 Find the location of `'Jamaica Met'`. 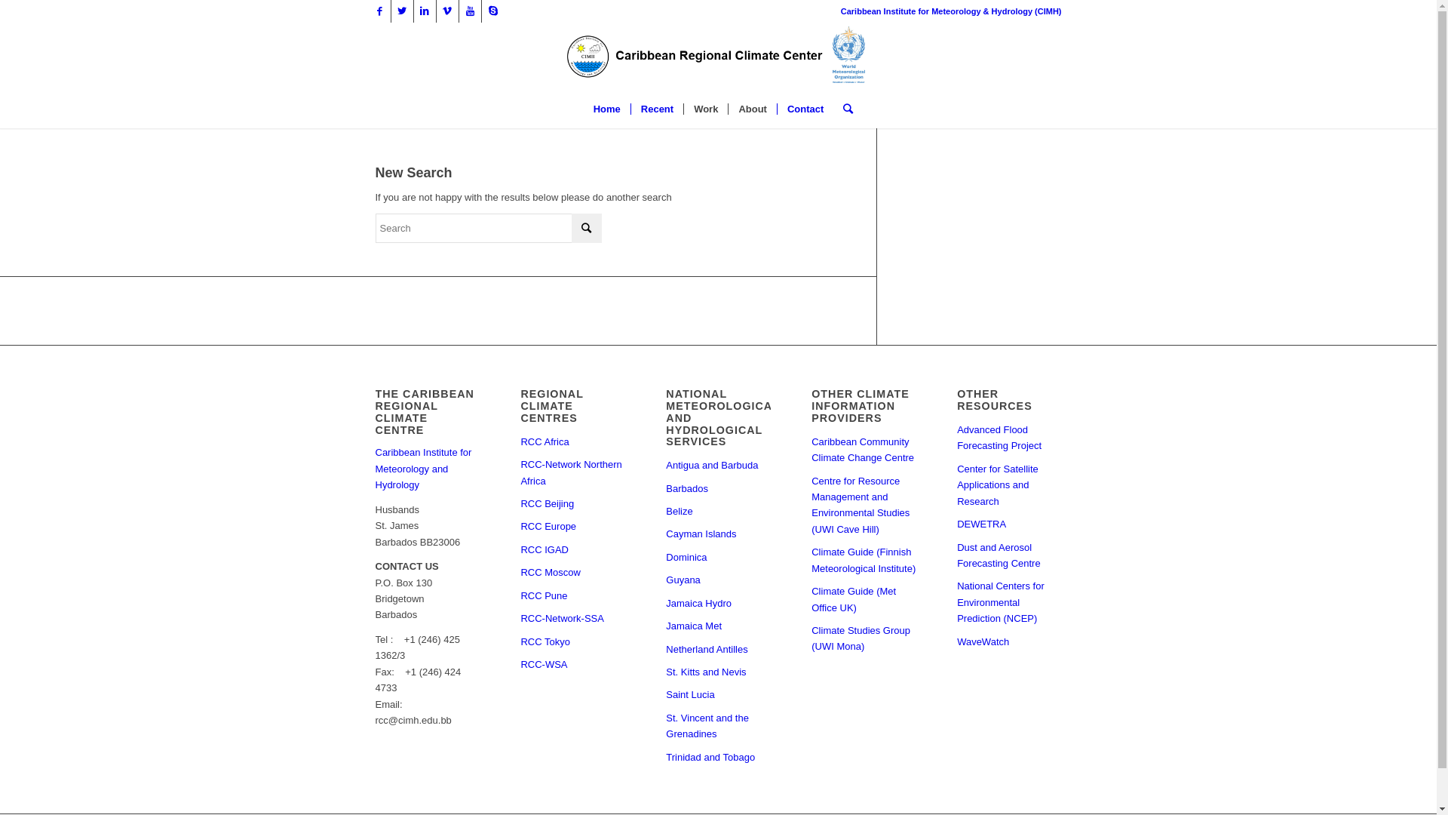

'Jamaica Met' is located at coordinates (716, 626).